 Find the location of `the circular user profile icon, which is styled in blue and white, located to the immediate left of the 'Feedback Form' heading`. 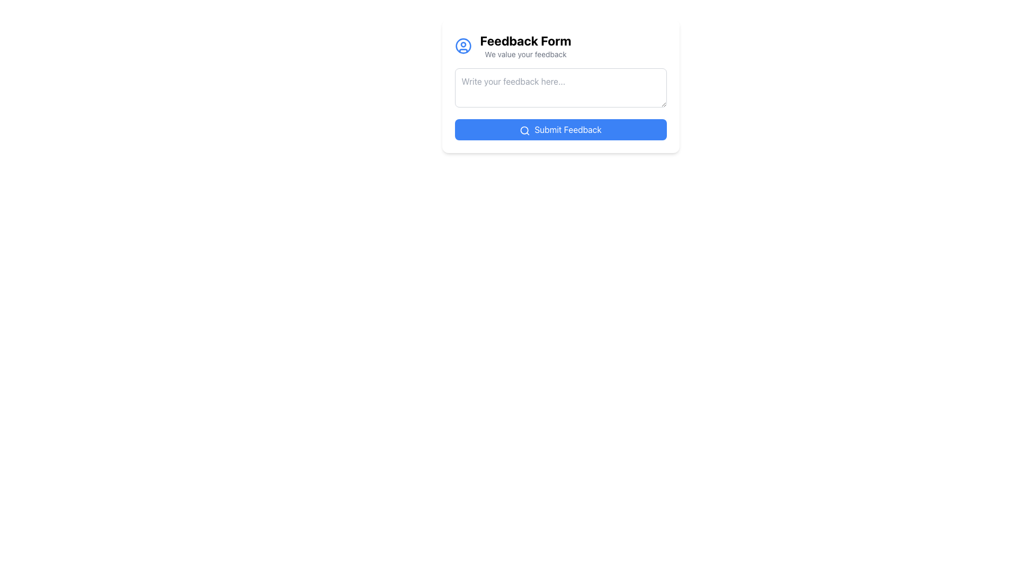

the circular user profile icon, which is styled in blue and white, located to the immediate left of the 'Feedback Form' heading is located at coordinates (463, 46).